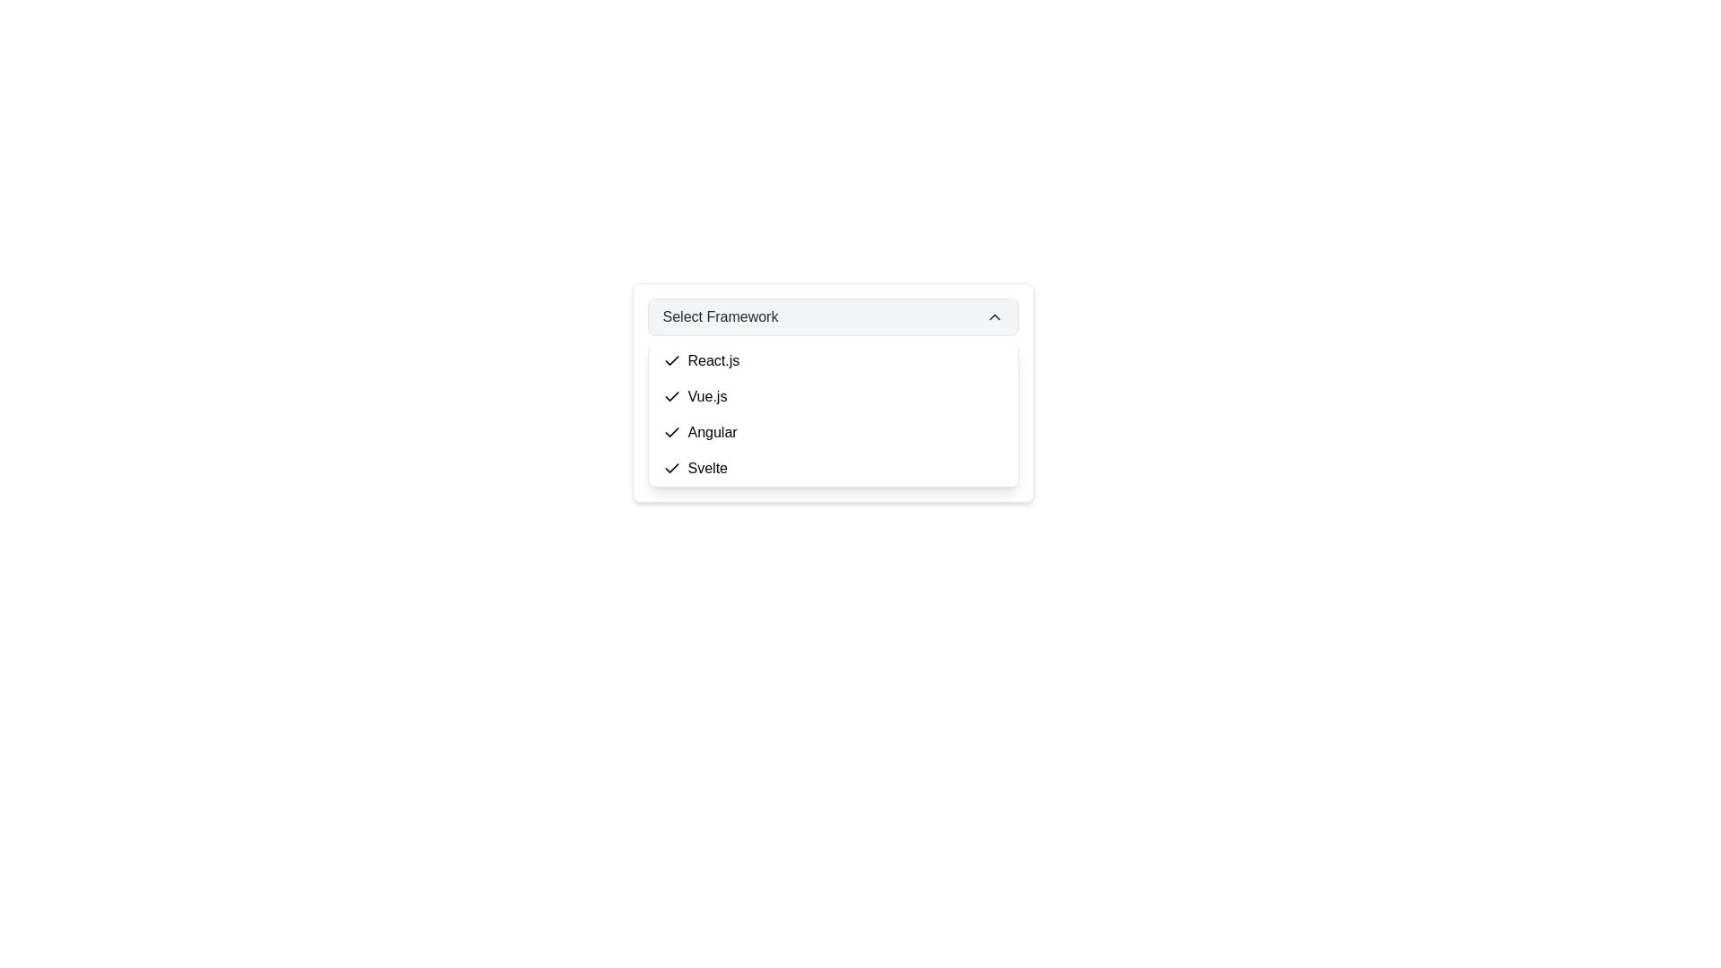 This screenshot has height=968, width=1721. Describe the element at coordinates (720, 316) in the screenshot. I see `the static text label that serves as a title for the dropdown menu indicating its purpose as a selection for frameworks` at that location.